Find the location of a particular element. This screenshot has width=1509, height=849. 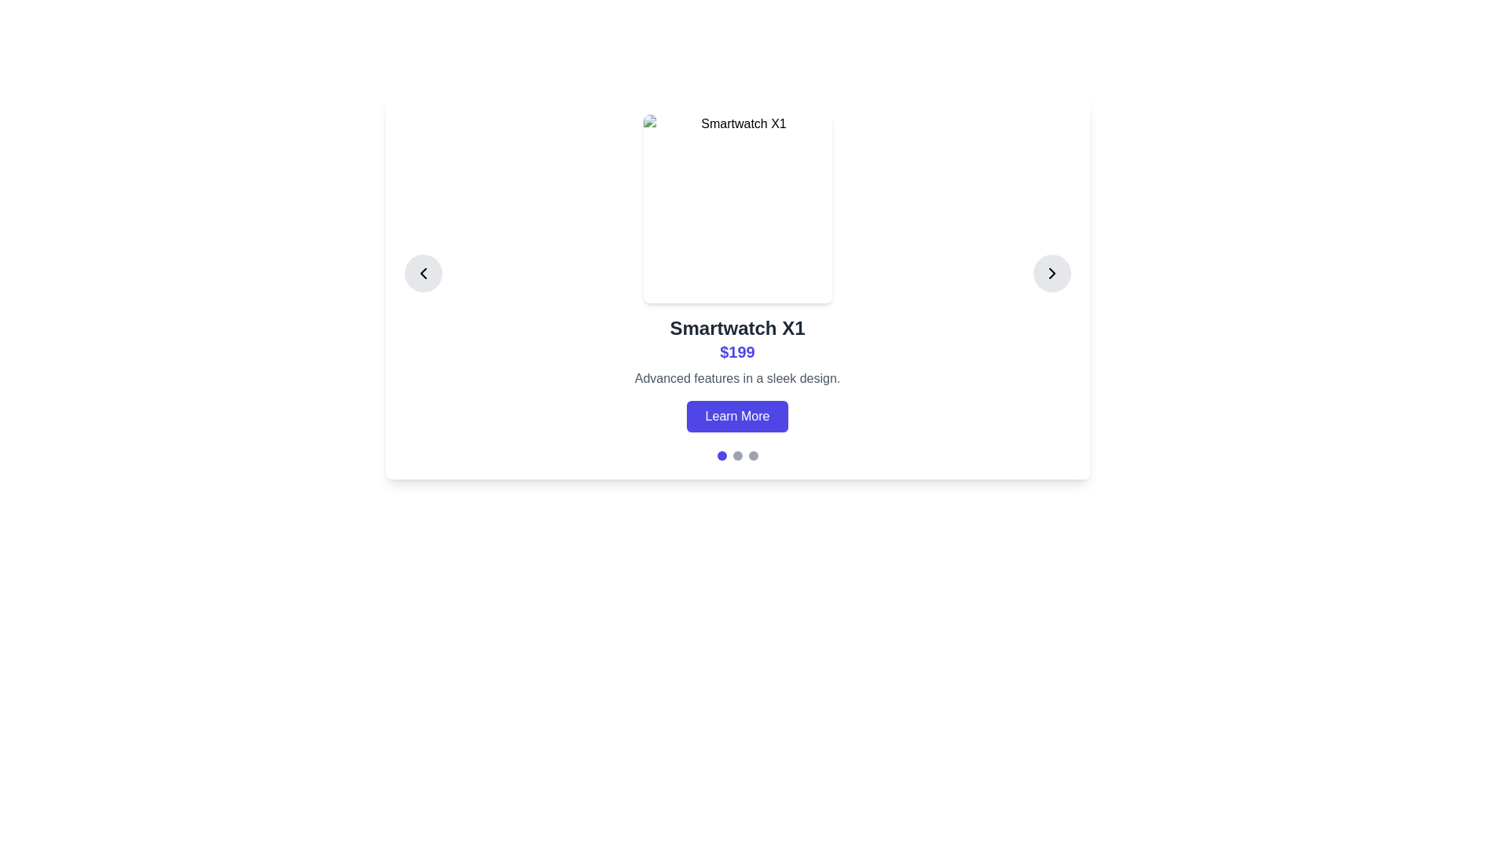

the third navigation dot located at the bottom-center of the UI is located at coordinates (752, 455).